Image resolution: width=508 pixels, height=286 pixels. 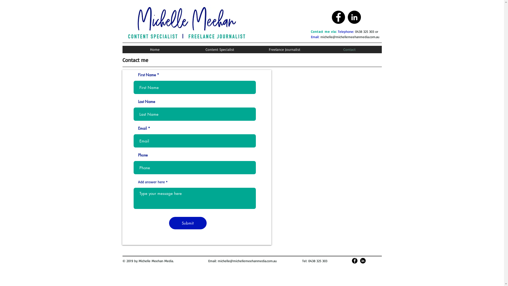 I want to click on 'CONCEPTS_MMM_RGB_Artboard 6.jpg', so click(x=186, y=23).